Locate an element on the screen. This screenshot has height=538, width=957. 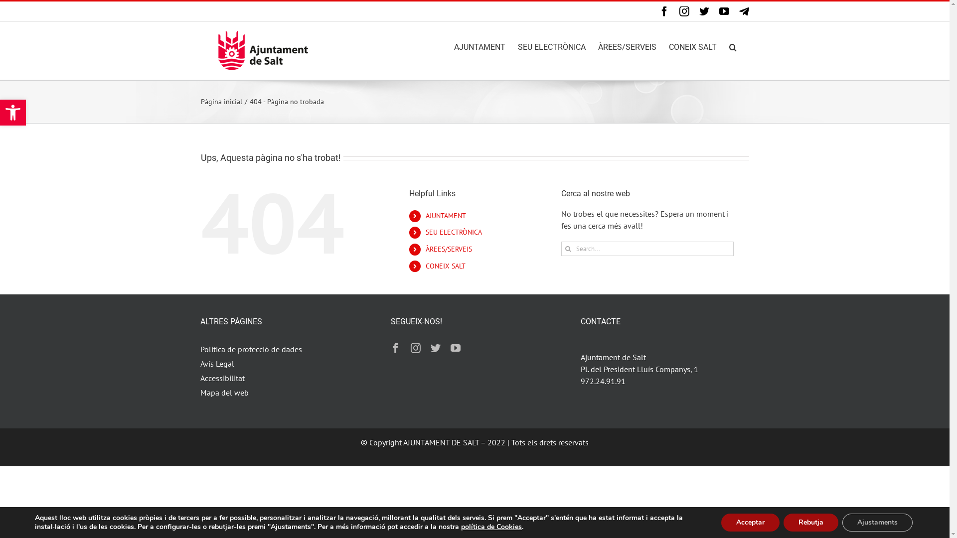
'AJUNTAMENT' is located at coordinates (479, 46).